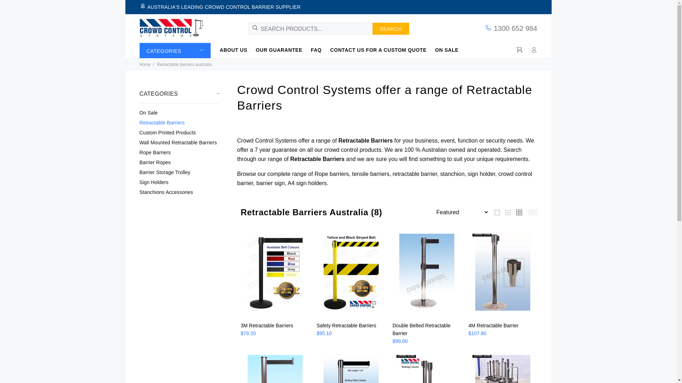  What do you see at coordinates (240, 326) in the screenshot?
I see `'3M Retractable Barriers'` at bounding box center [240, 326].